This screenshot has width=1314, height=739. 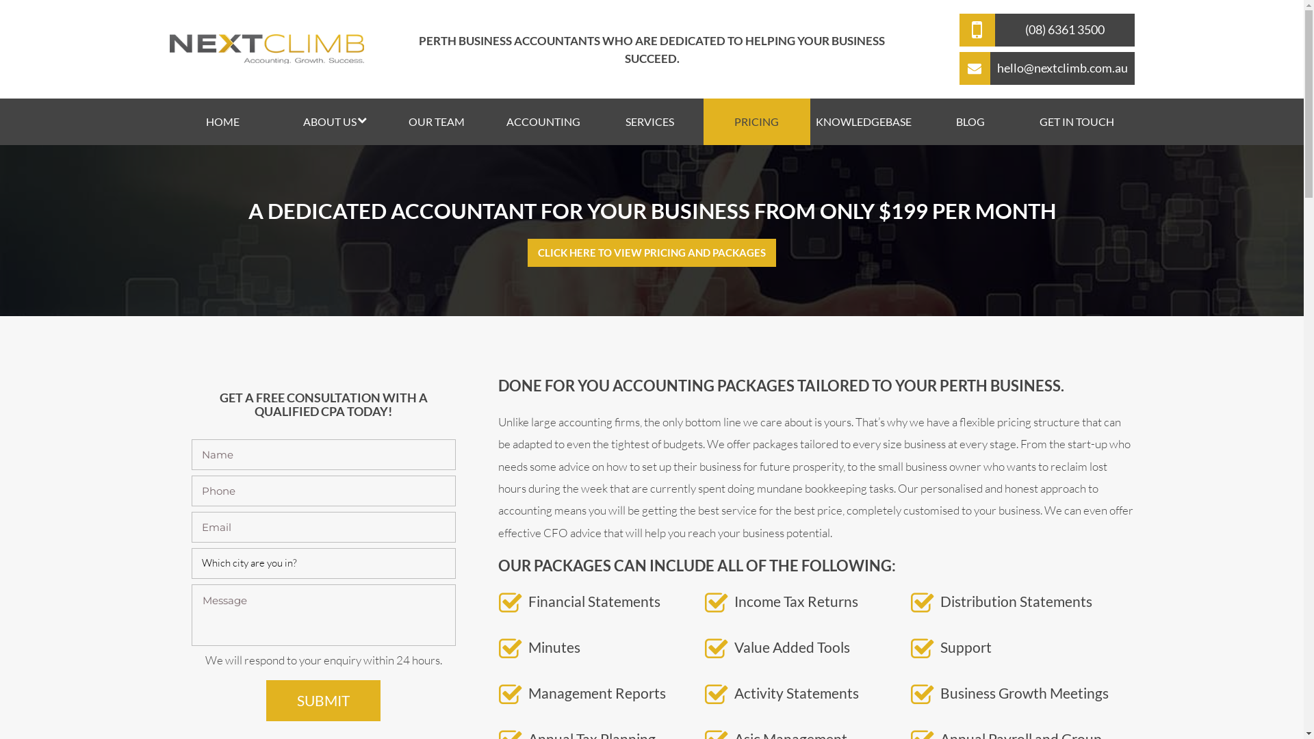 What do you see at coordinates (810, 120) in the screenshot?
I see `'KNOWLEDGEBASE'` at bounding box center [810, 120].